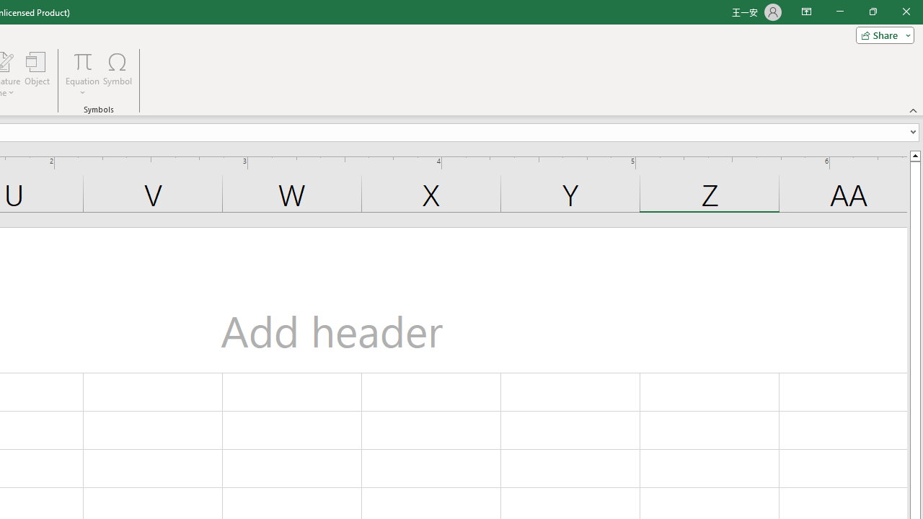 The height and width of the screenshot is (519, 923). I want to click on 'Equation', so click(82, 74).